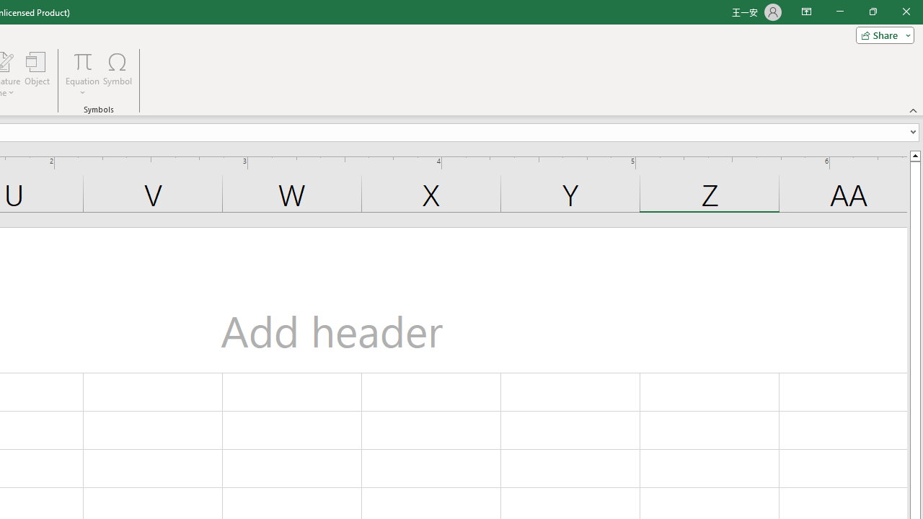 The height and width of the screenshot is (519, 923). I want to click on 'Equation', so click(82, 74).